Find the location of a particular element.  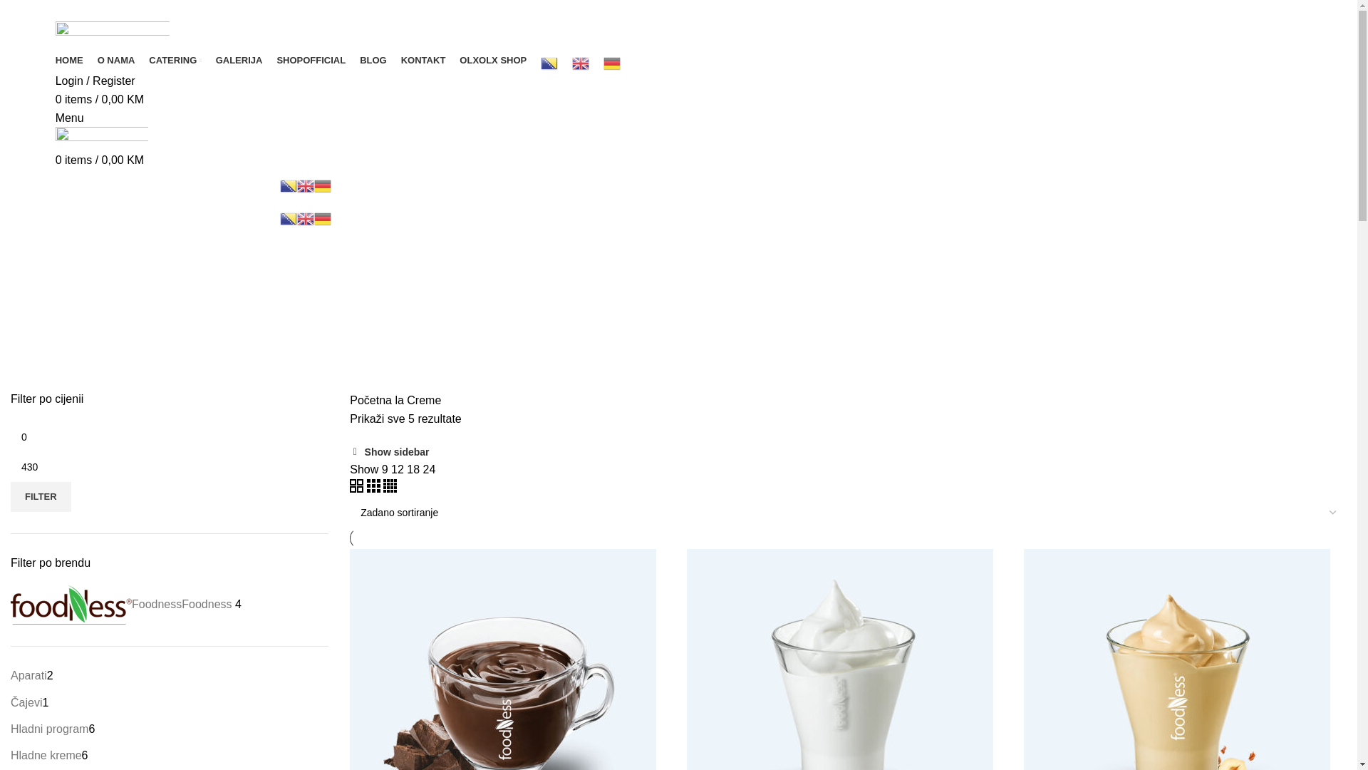

'Aparati' is located at coordinates (28, 674).